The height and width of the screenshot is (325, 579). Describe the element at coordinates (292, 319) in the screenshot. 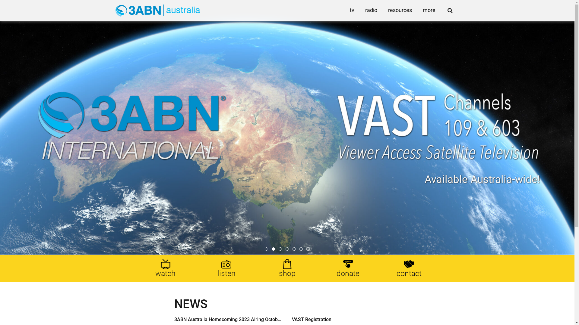

I see `'VAST Registration'` at that location.